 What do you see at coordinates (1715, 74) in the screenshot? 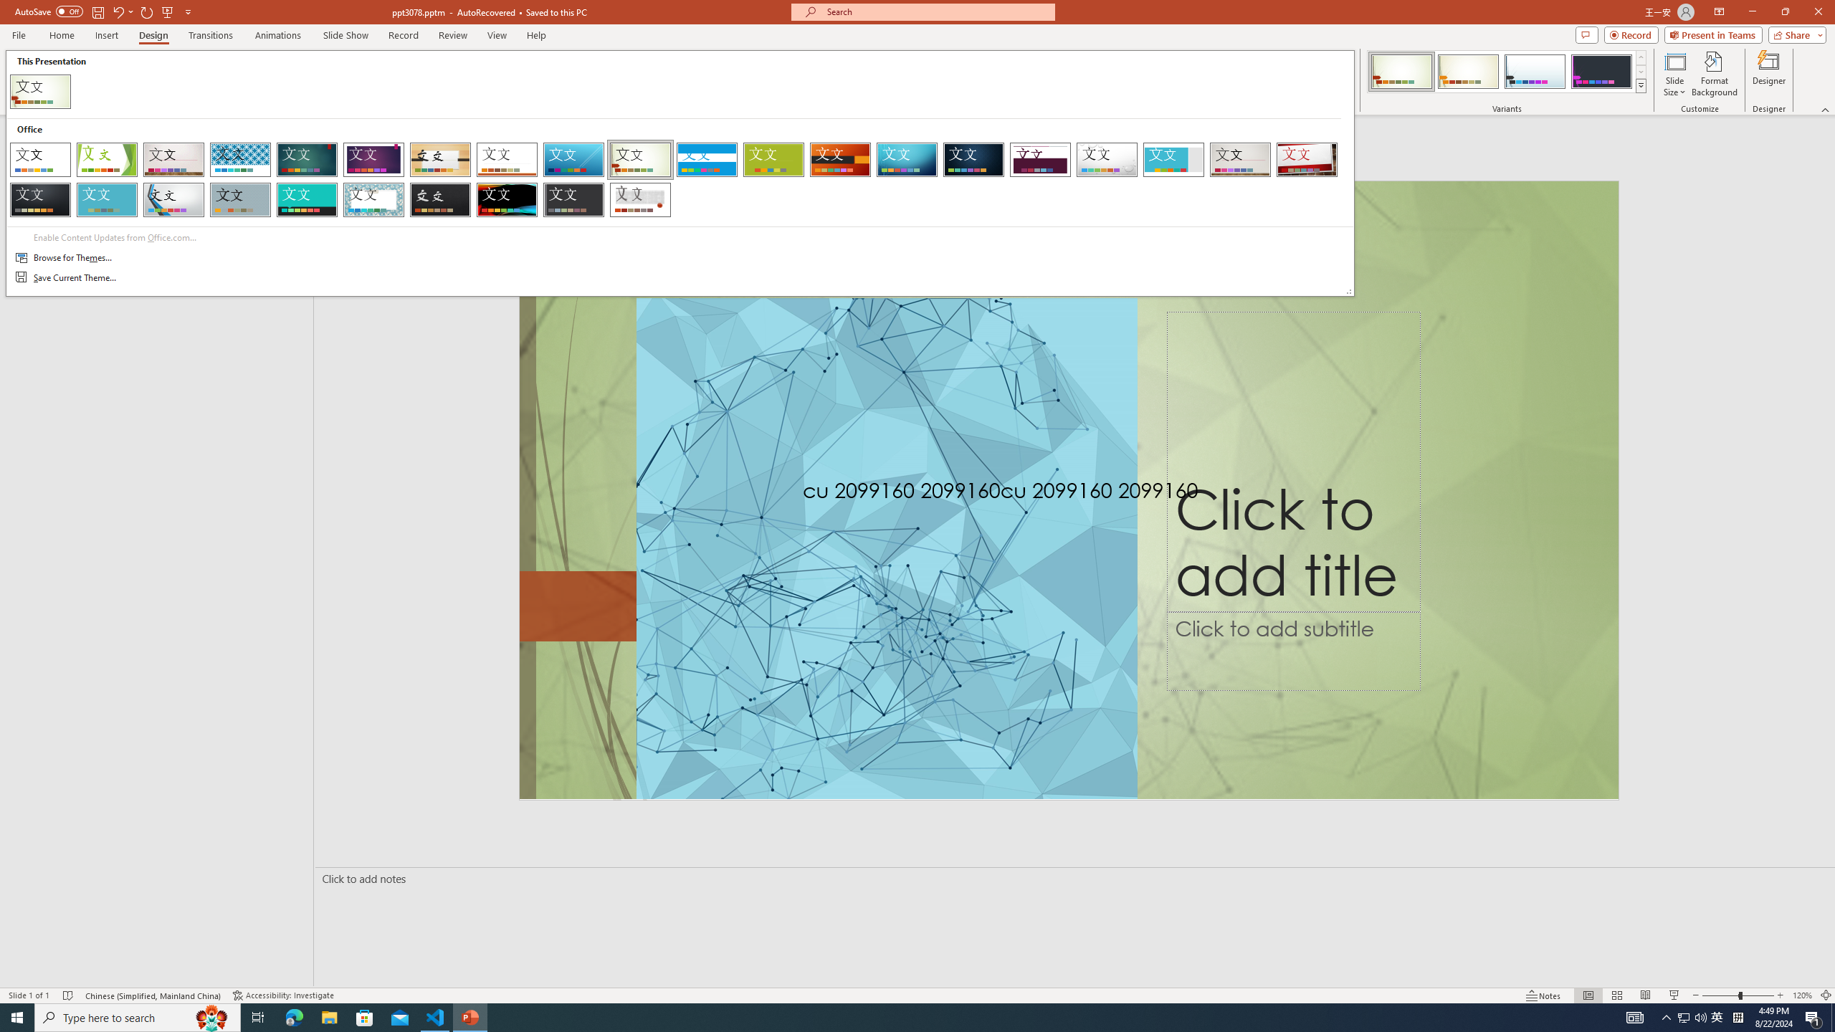
I see `'Format Background'` at bounding box center [1715, 74].